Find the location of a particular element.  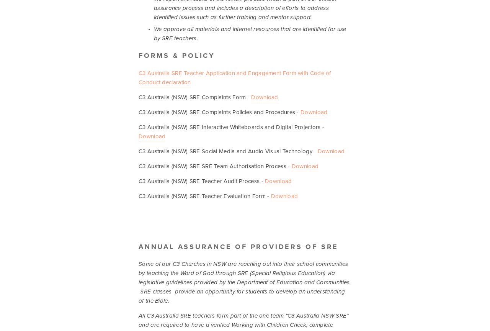

'C3 Australia (NSW) SRE Complaints Form -' is located at coordinates (138, 97).